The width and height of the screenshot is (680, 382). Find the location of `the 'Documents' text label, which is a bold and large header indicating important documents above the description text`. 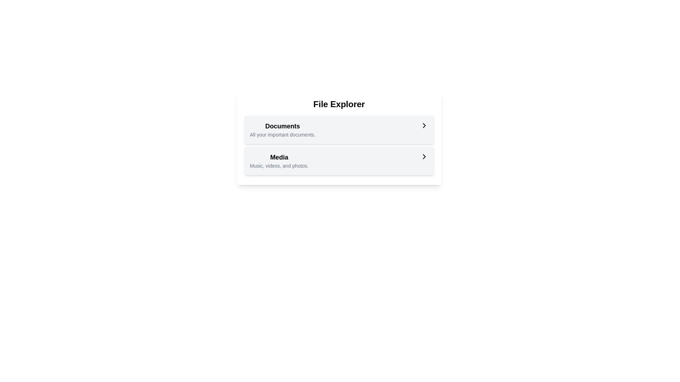

the 'Documents' text label, which is a bold and large header indicating important documents above the description text is located at coordinates (282, 126).